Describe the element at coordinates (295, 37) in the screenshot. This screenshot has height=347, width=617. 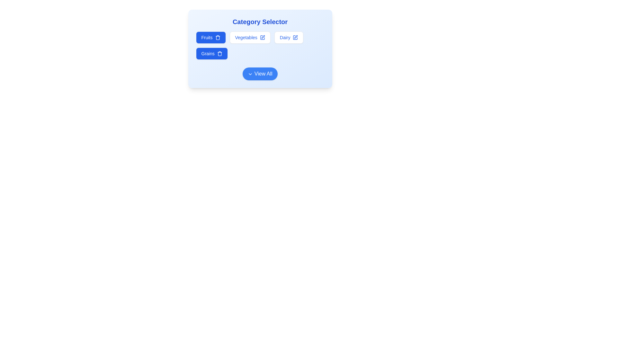
I see `edit icon associated with the category Dairy to select it` at that location.